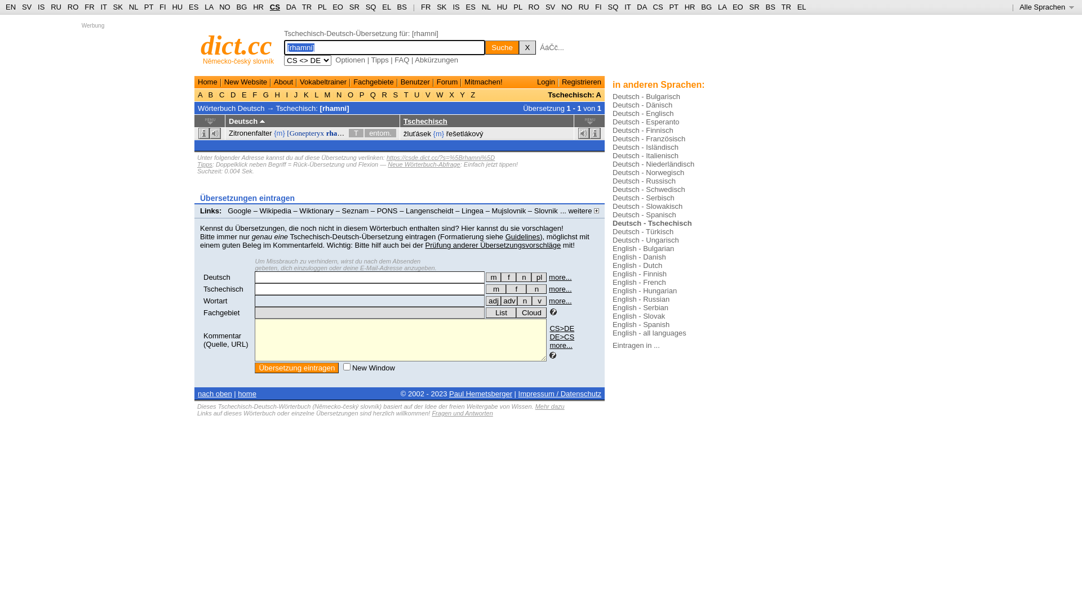 The height and width of the screenshot is (608, 1082). I want to click on 'Tipps', so click(370, 60).